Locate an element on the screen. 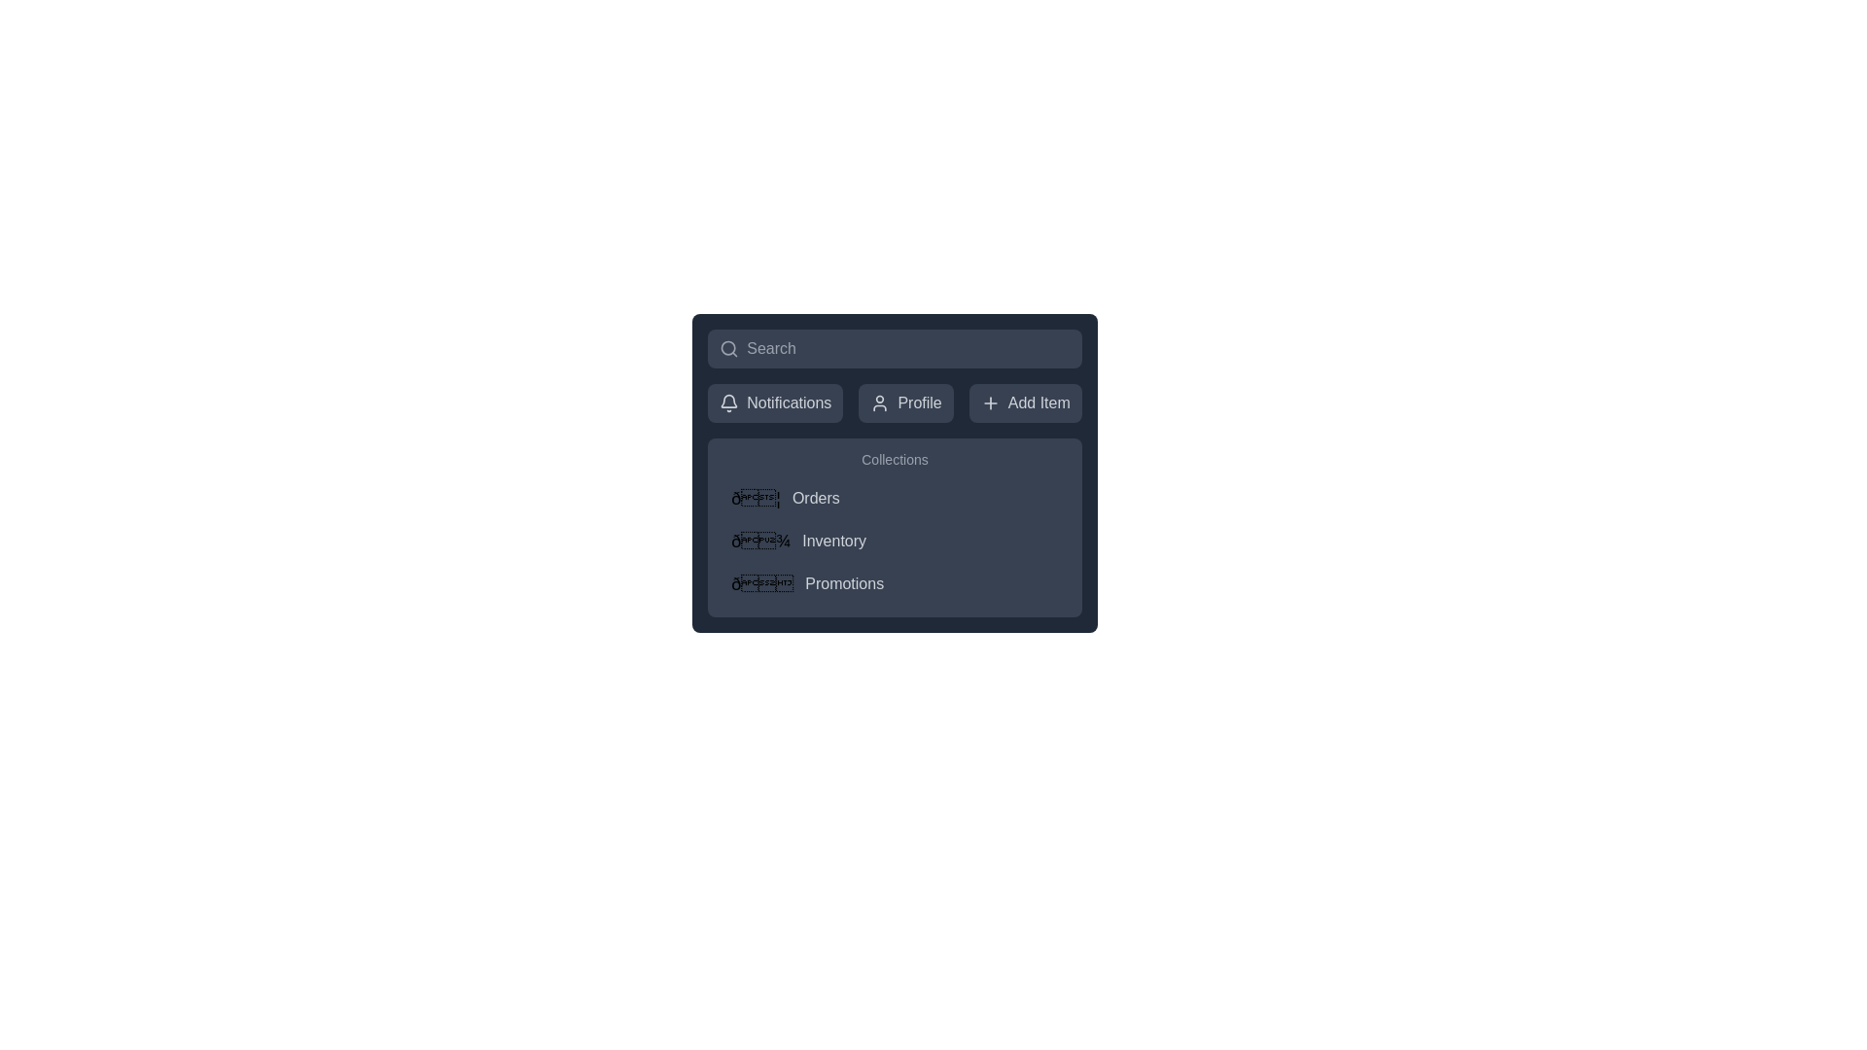 This screenshot has width=1867, height=1050. the 'Promotions' button, which features a party popper emoji and is located at the bottom of the list is located at coordinates (894, 583).